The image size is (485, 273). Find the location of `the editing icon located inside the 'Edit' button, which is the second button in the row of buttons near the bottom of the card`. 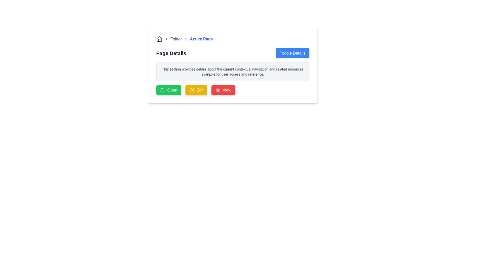

the editing icon located inside the 'Edit' button, which is the second button in the row of buttons near the bottom of the card is located at coordinates (191, 90).